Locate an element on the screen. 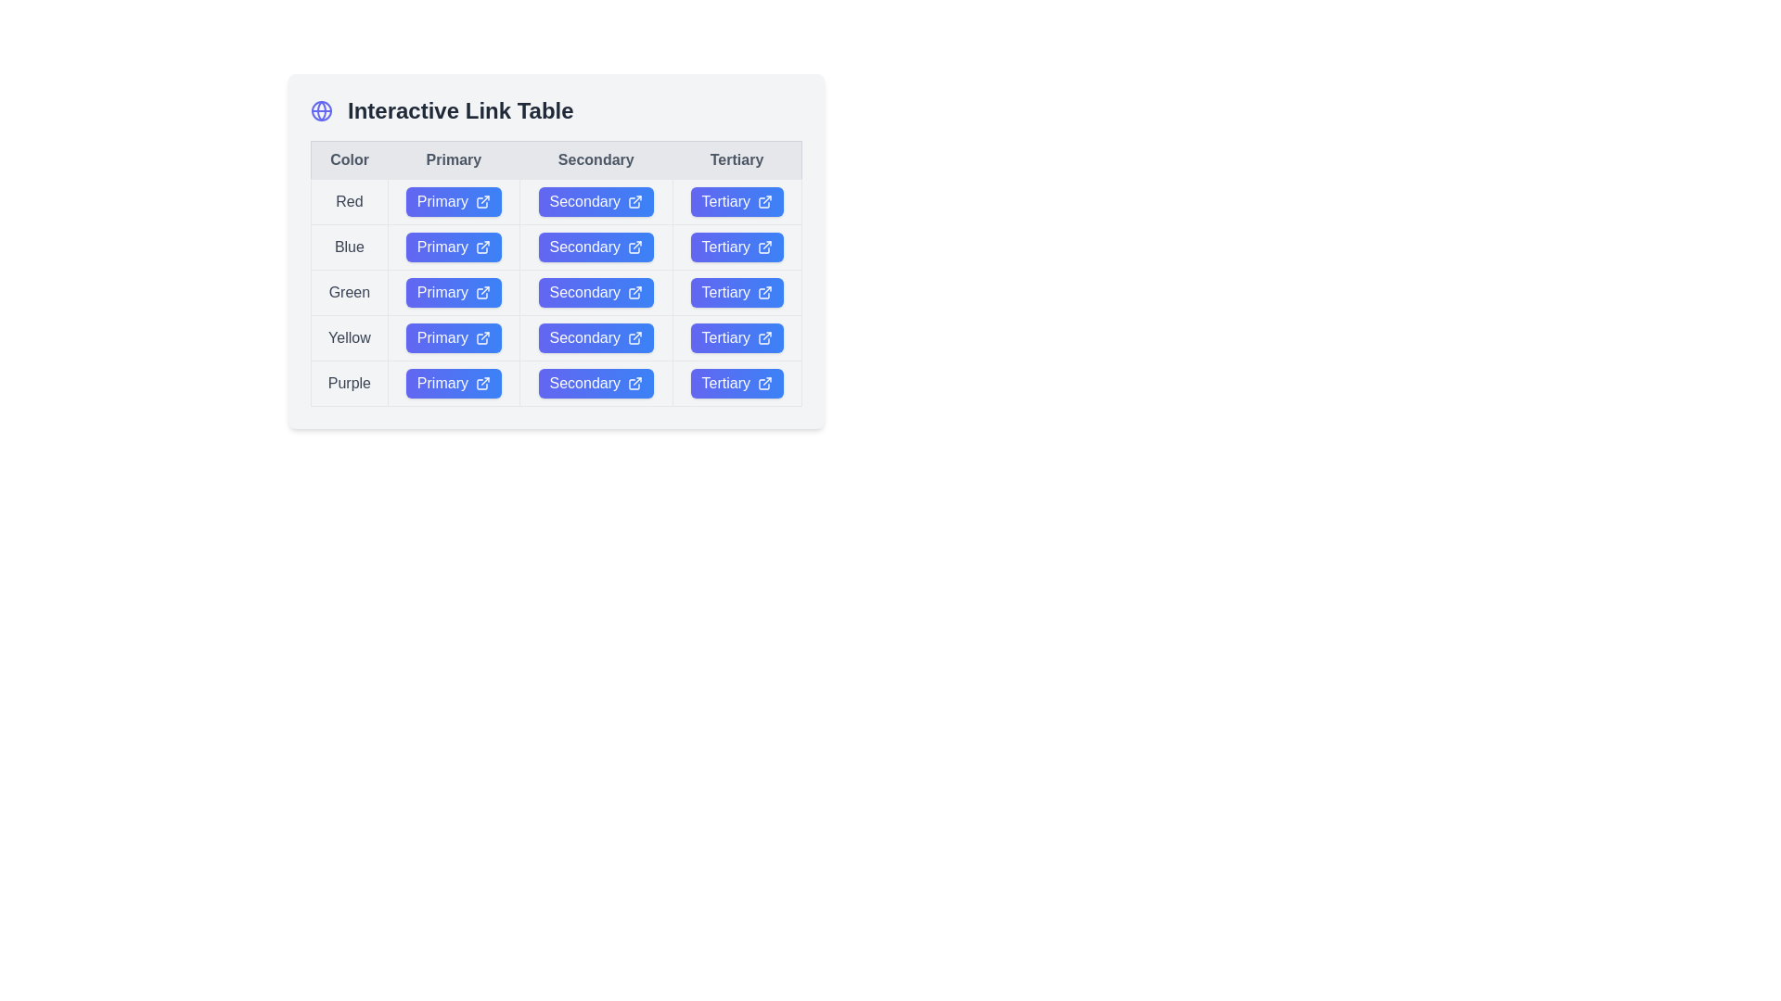 The height and width of the screenshot is (1001, 1781). the 'Secondary' text label within the button component that displays white text on a gradient background, located in the table row corresponding to 'Yellow' in the 'Color' column is located at coordinates (583, 338).